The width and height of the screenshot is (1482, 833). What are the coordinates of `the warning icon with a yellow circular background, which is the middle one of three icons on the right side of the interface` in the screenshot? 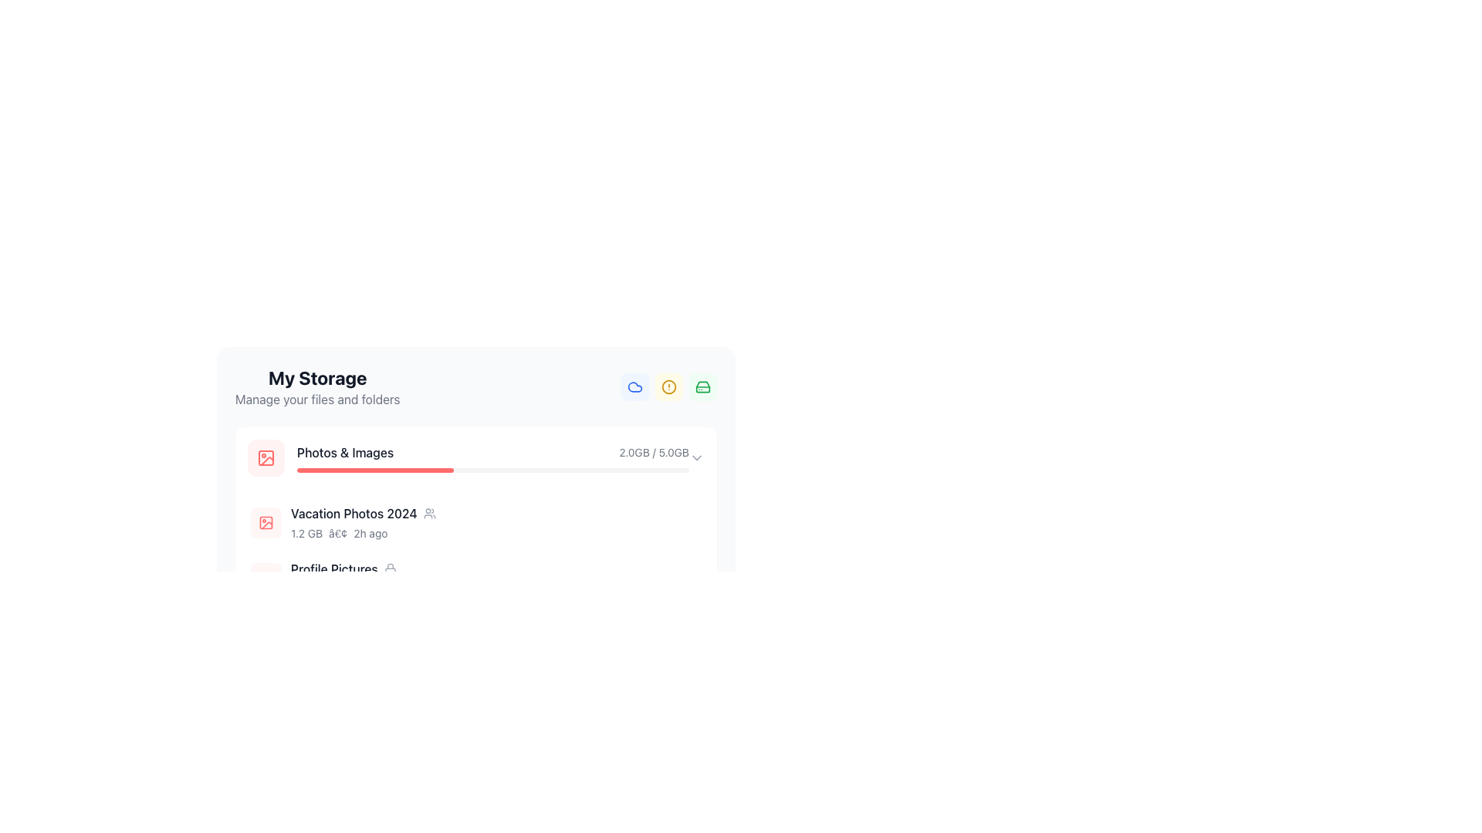 It's located at (669, 386).